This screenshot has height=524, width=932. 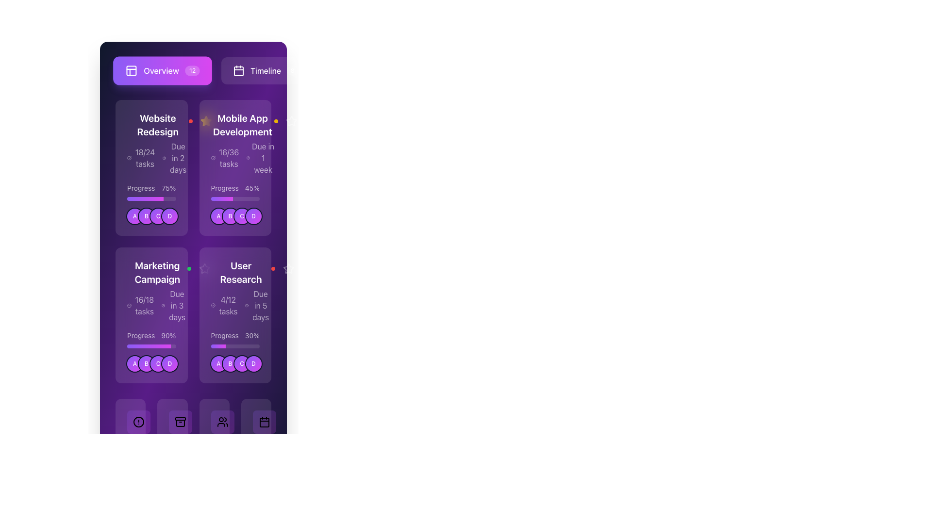 What do you see at coordinates (175, 158) in the screenshot?
I see `the label indicating the deadline for the 'Website Redesign' project, which is located to the right of '18/24 tasks' and above the progress bar` at bounding box center [175, 158].